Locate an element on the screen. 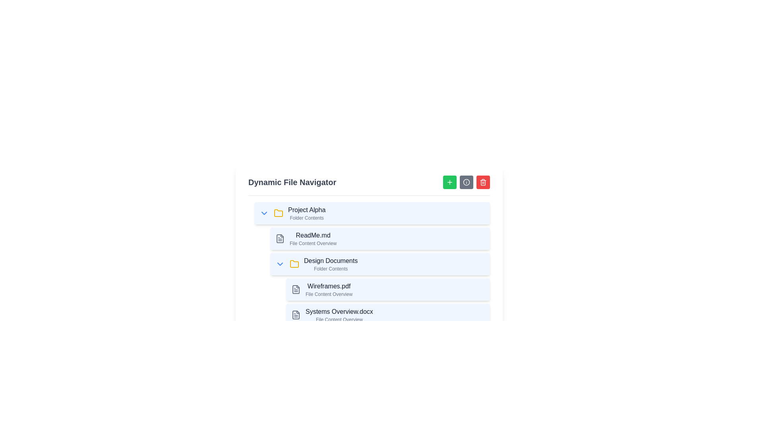 This screenshot has height=429, width=763. the trash can icon button with a red background in the top-right corner of the interface is located at coordinates (482, 182).